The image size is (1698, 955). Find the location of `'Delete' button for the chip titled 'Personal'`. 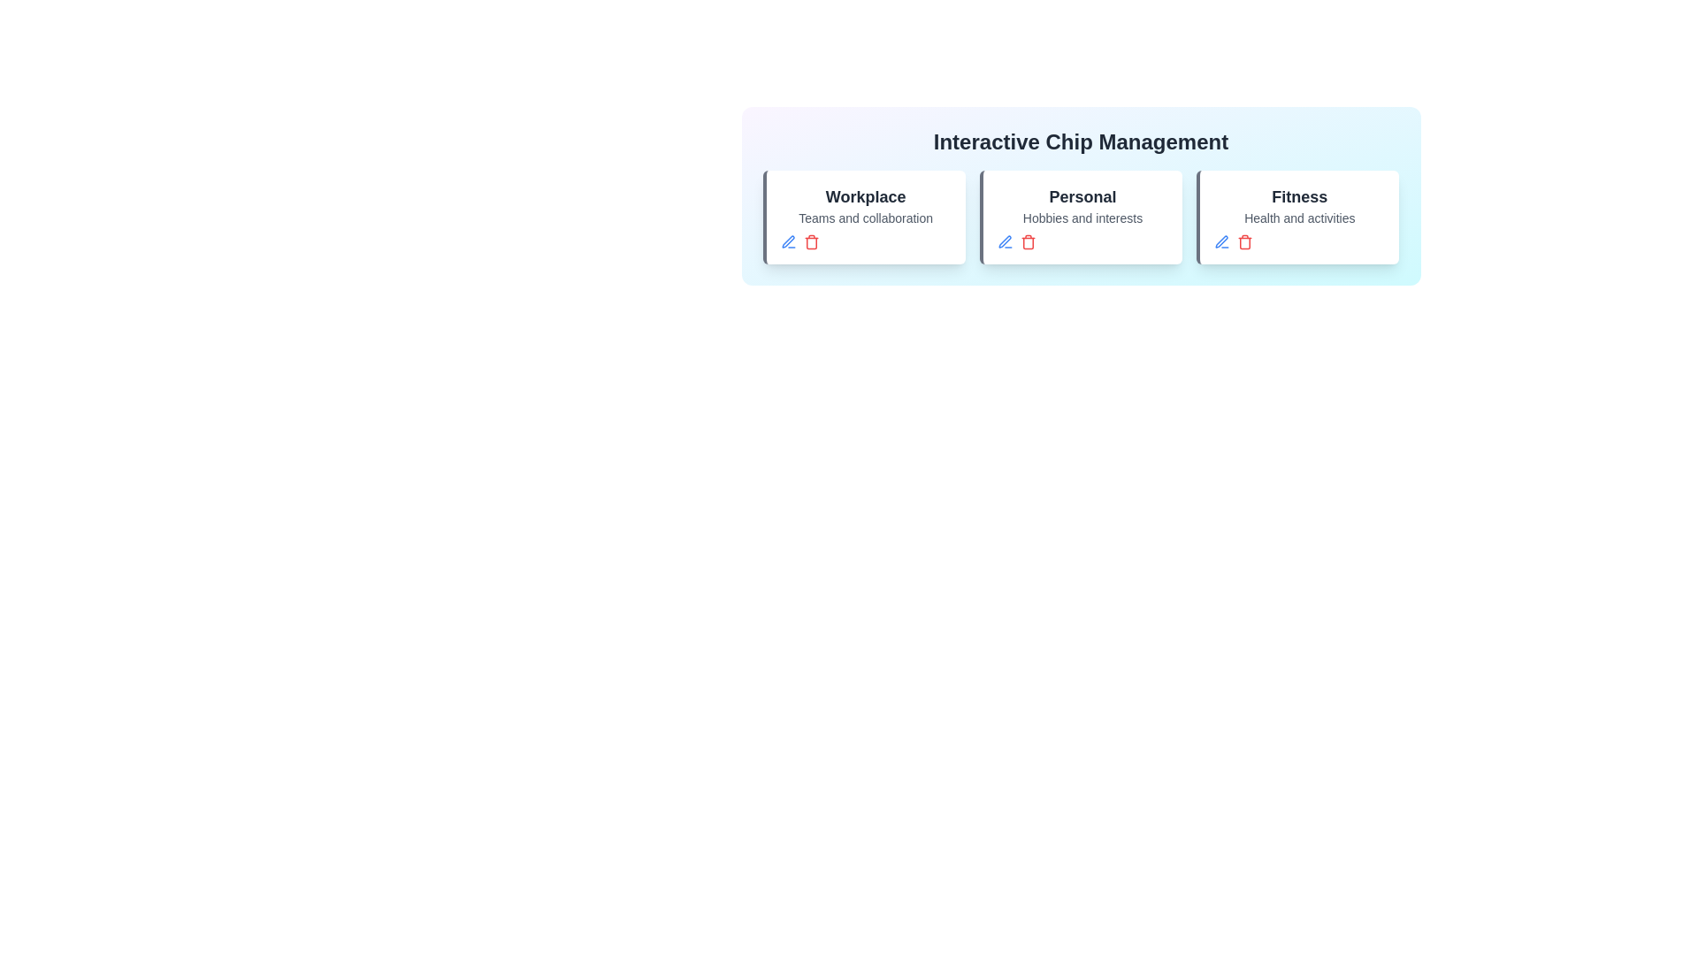

'Delete' button for the chip titled 'Personal' is located at coordinates (1028, 241).